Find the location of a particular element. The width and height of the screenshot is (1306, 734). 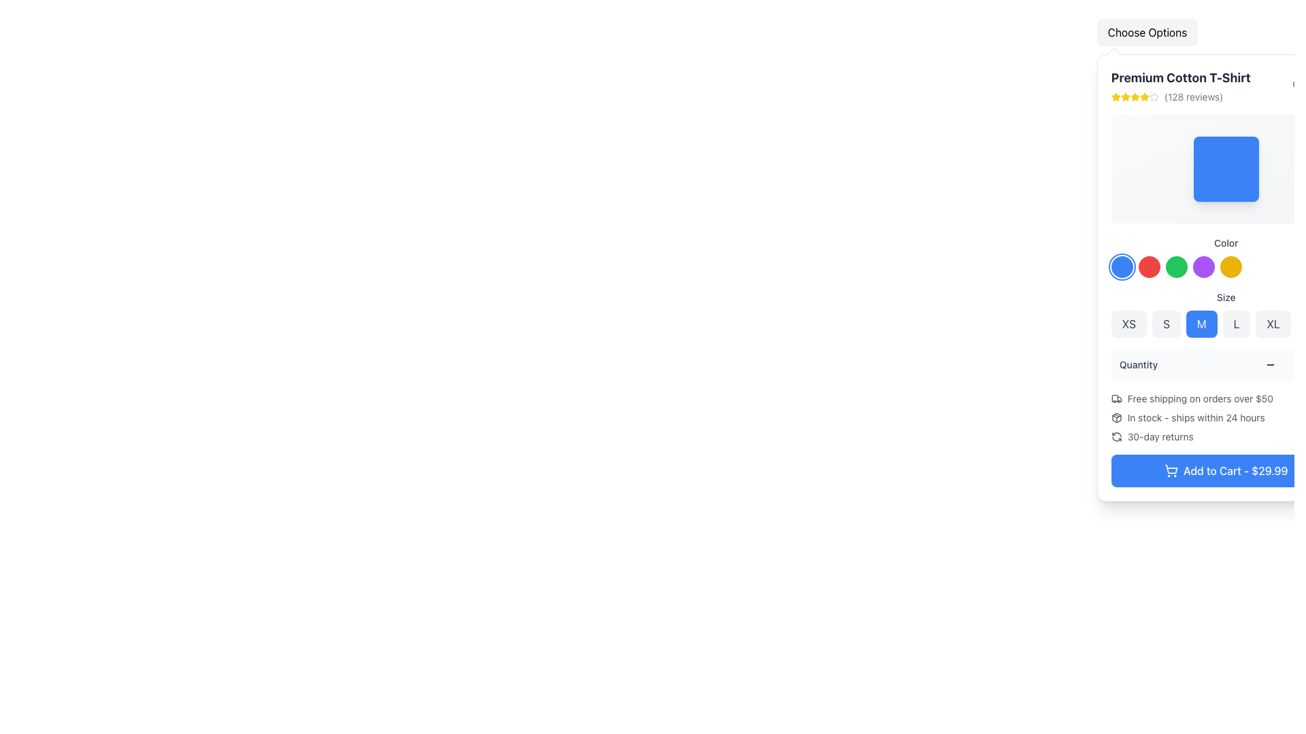

text displayed on the 'Add to Cart - $29.99' button, which is styled with a medium-weight font and includes a shopping cart icon on its left is located at coordinates (1235, 470).